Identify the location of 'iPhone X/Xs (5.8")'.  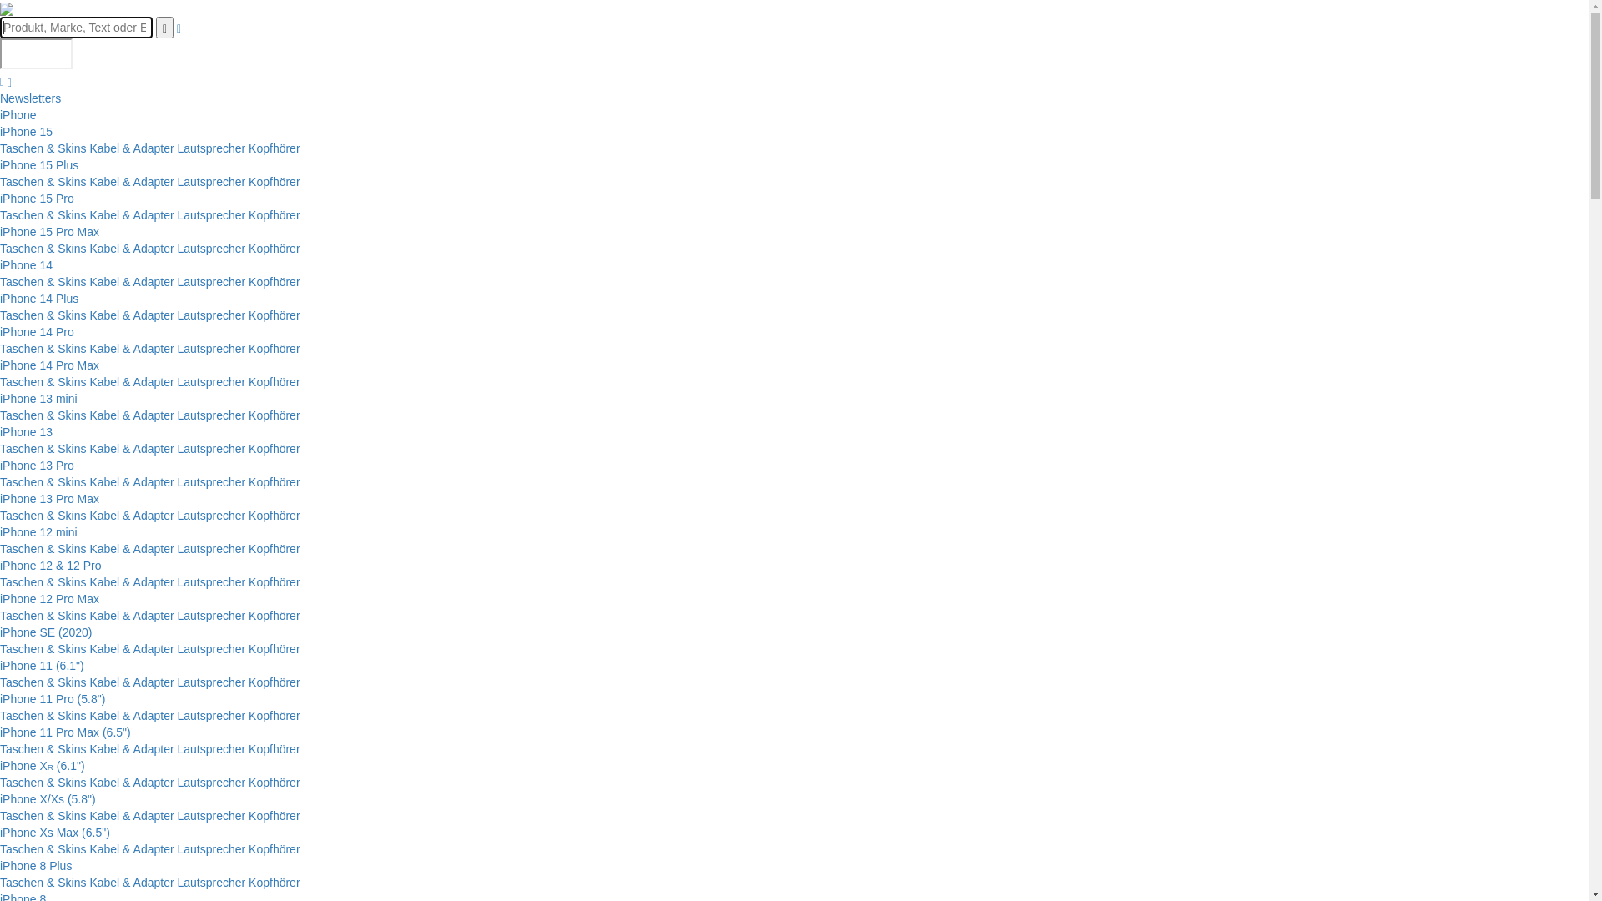
(48, 798).